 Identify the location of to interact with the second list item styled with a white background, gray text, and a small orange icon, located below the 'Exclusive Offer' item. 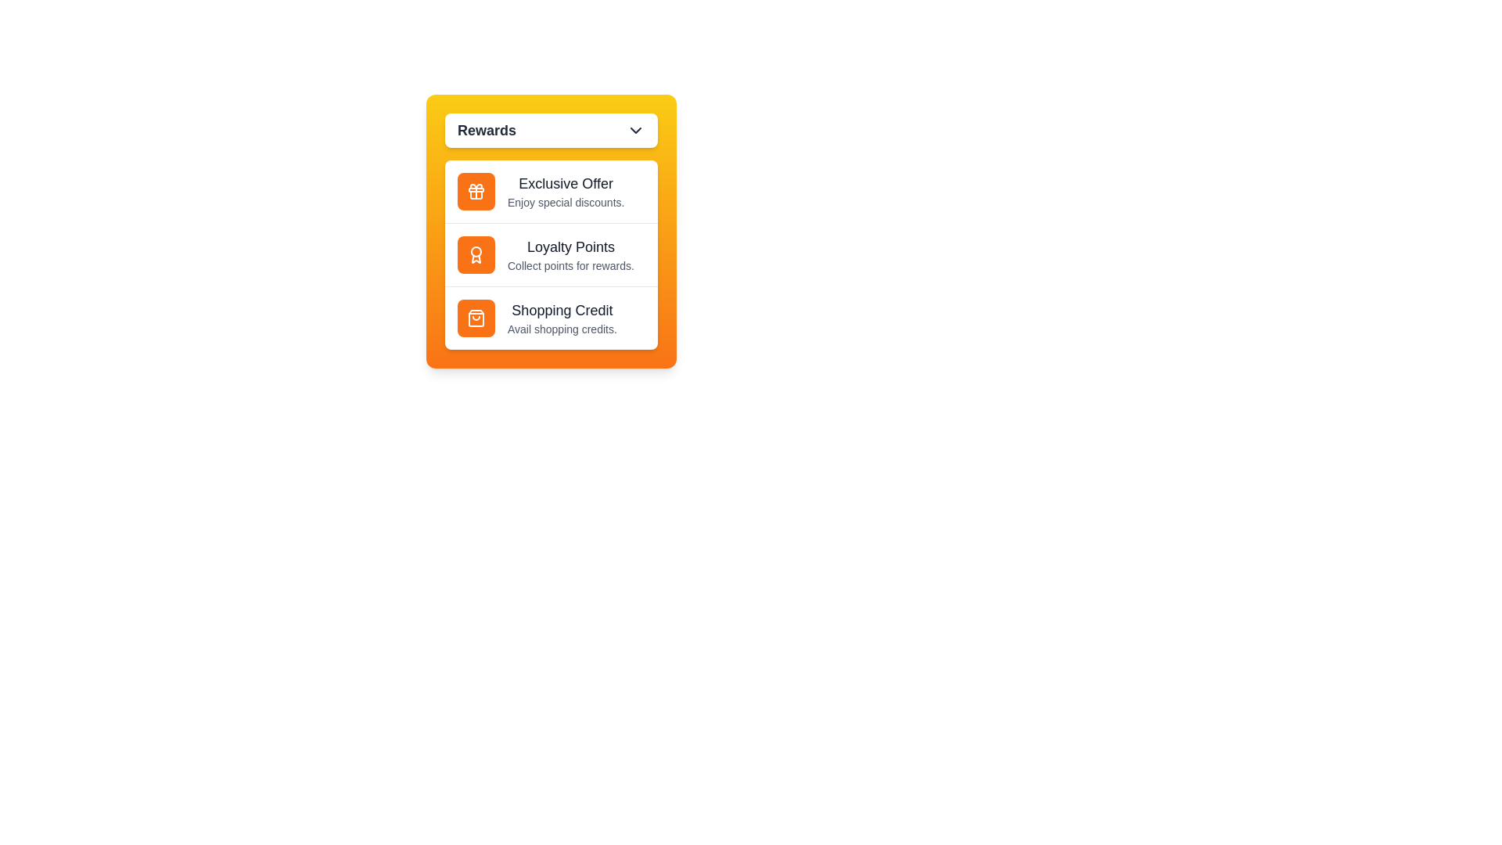
(552, 254).